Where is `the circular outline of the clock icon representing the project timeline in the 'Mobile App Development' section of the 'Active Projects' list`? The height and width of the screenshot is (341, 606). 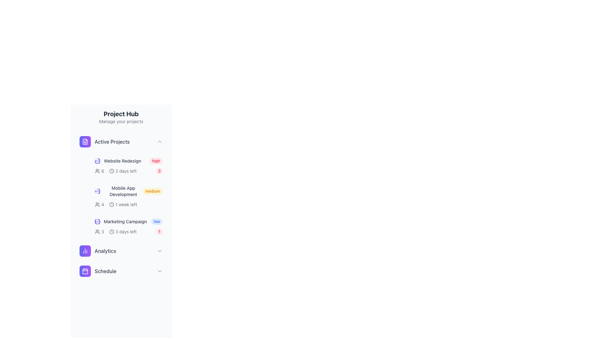 the circular outline of the clock icon representing the project timeline in the 'Mobile App Development' section of the 'Active Projects' list is located at coordinates (111, 205).